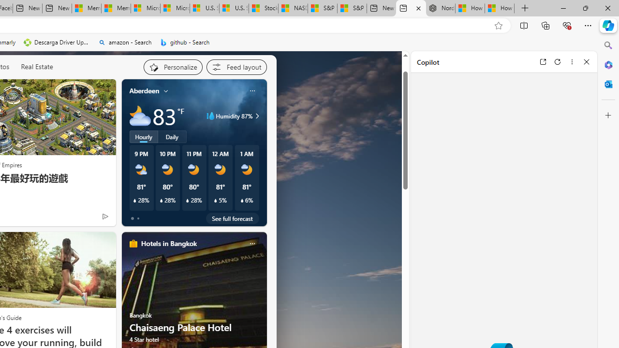 This screenshot has width=619, height=348. I want to click on 'Aberdeen', so click(144, 91).